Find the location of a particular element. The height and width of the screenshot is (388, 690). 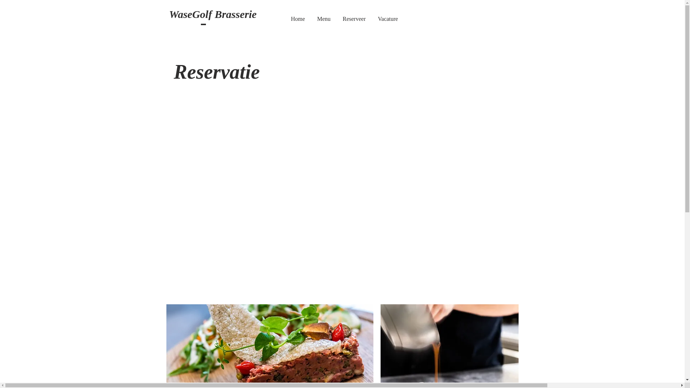

'WaseGolf Brasserie' is located at coordinates (212, 15).